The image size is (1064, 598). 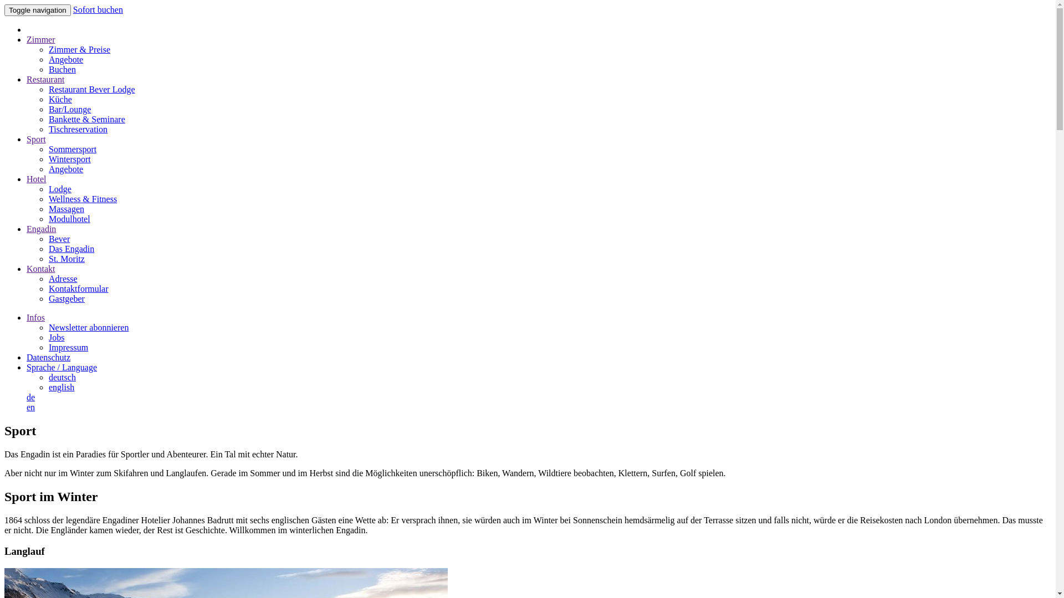 What do you see at coordinates (30, 396) in the screenshot?
I see `'de'` at bounding box center [30, 396].